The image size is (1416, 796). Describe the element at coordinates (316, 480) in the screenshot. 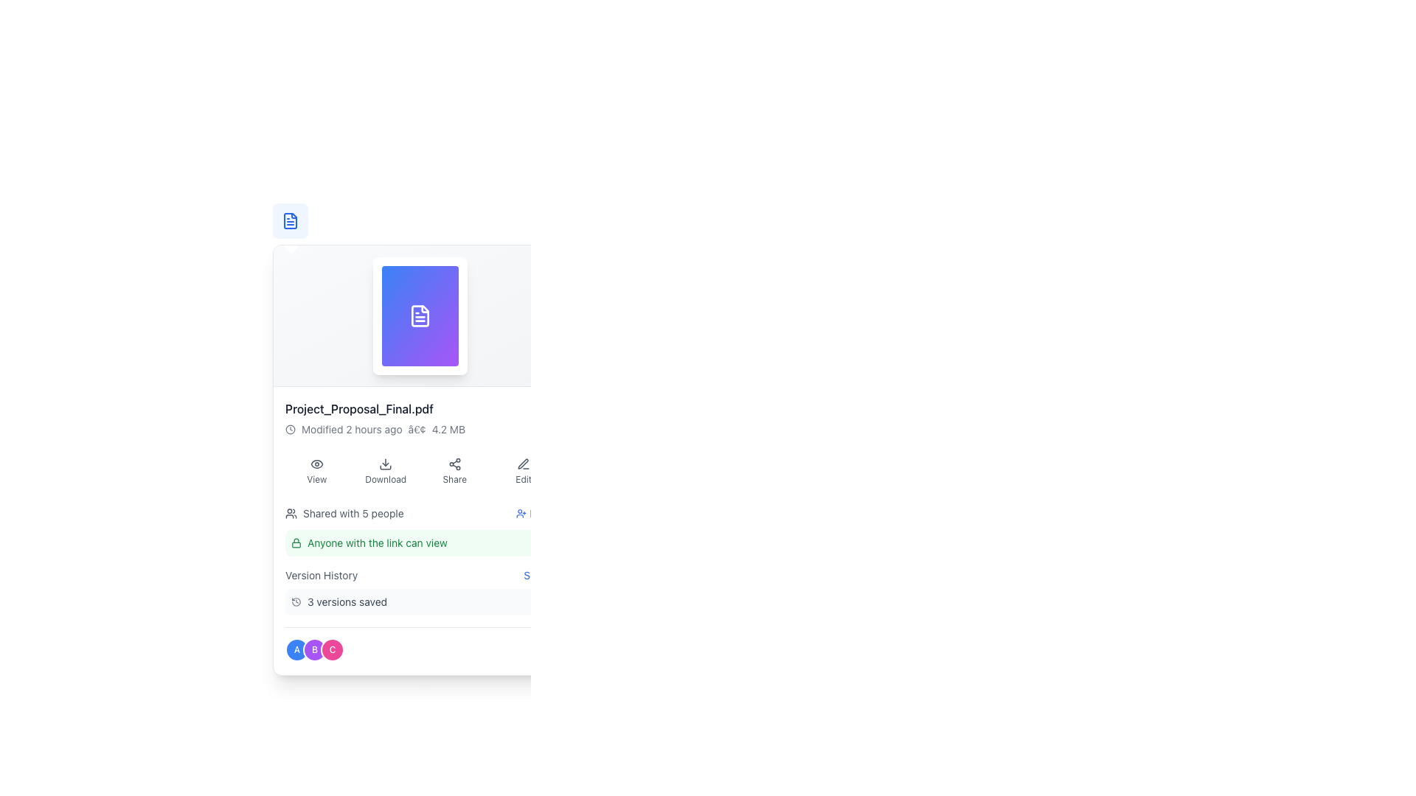

I see `the text label that describes the functionality of viewing contents, which is the second element in a vertical group located below the eye icon` at that location.